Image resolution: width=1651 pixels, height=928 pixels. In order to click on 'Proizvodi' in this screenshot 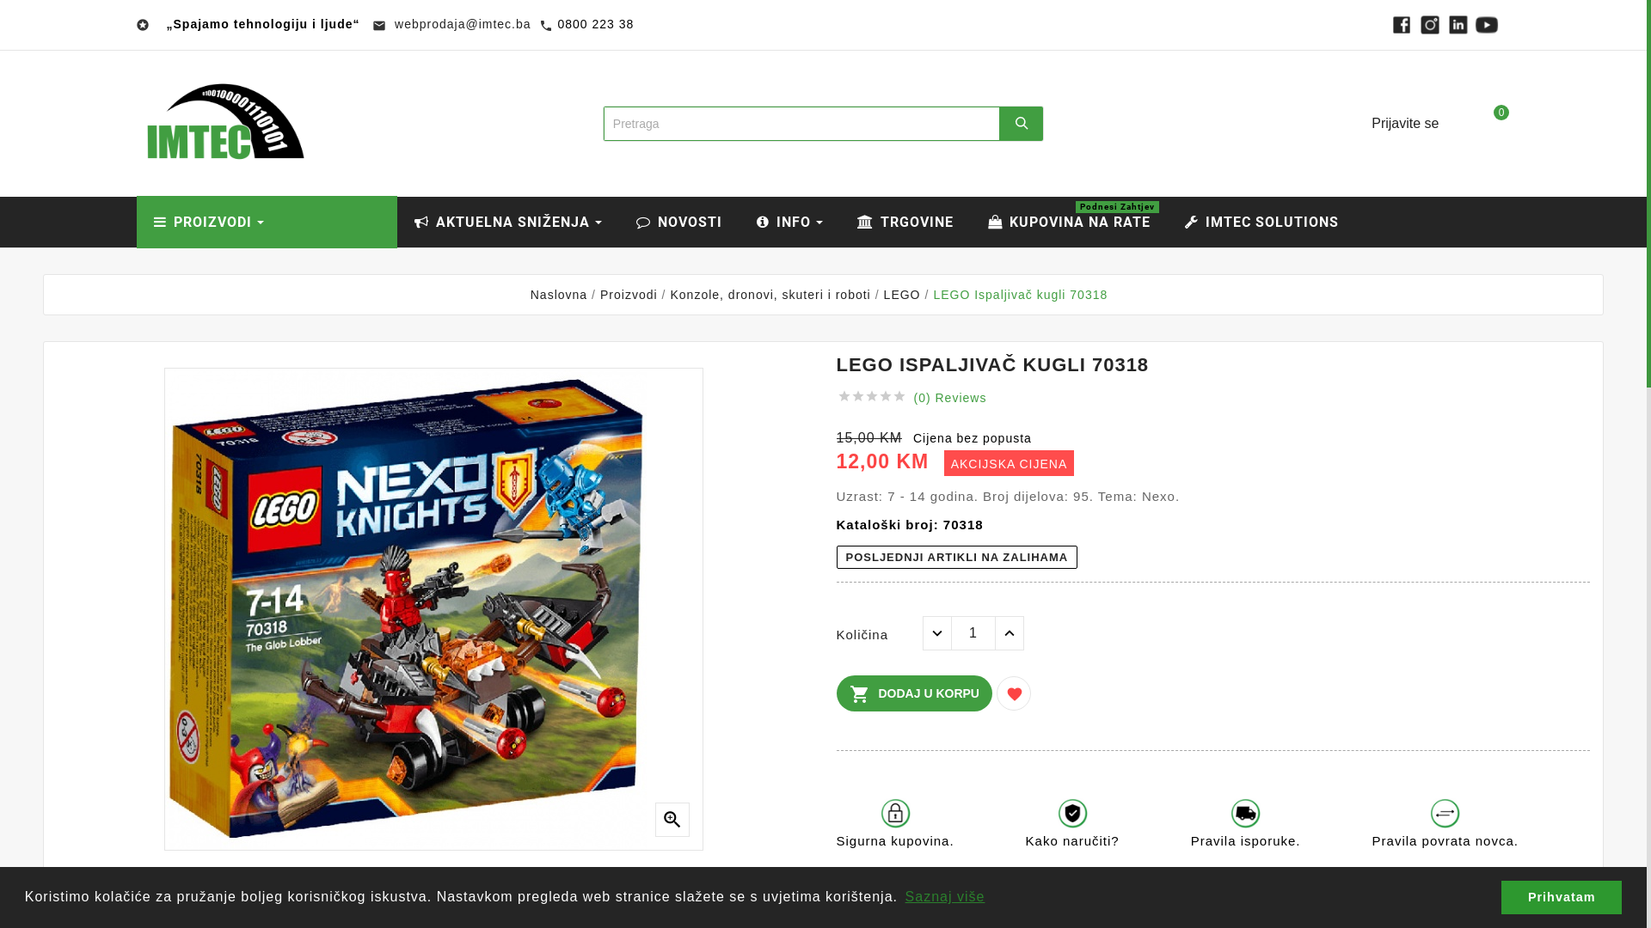, I will do `click(628, 294)`.